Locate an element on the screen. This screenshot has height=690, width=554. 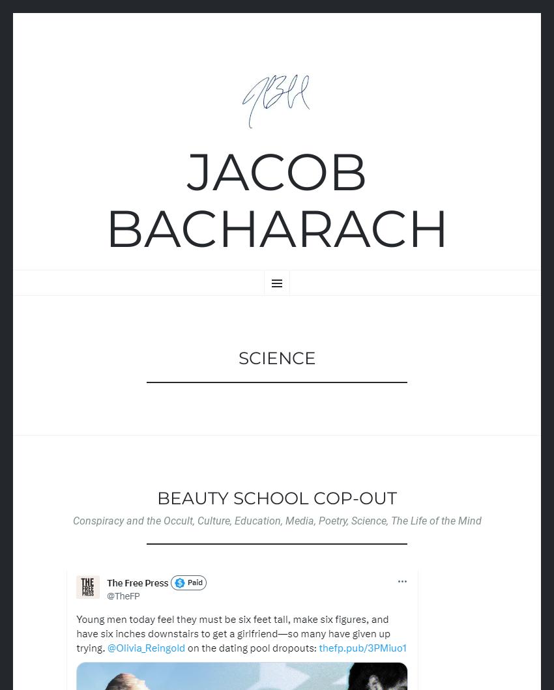
'The Life of the Mind' is located at coordinates (389, 519).